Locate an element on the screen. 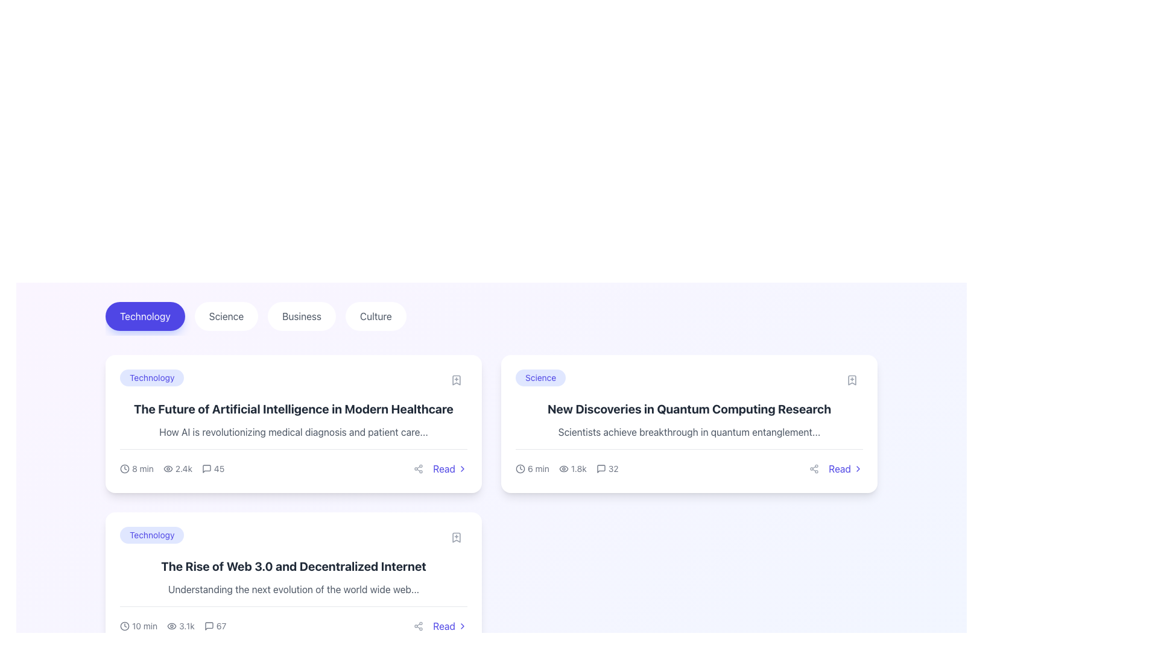 The width and height of the screenshot is (1158, 651). the circular light gray button with a network or sharing icon, located under the headline 'The Future of Artificial Intelligence in Modern Healthcare', to share the content is located at coordinates (419, 468).